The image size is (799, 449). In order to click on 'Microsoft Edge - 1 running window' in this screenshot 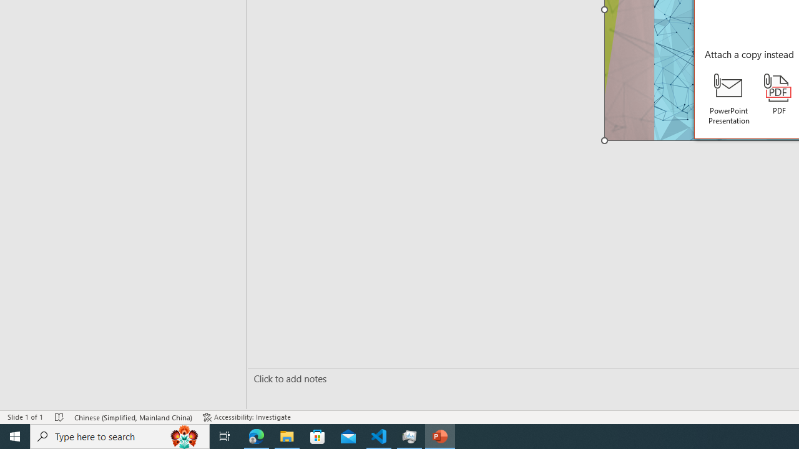, I will do `click(256, 435)`.